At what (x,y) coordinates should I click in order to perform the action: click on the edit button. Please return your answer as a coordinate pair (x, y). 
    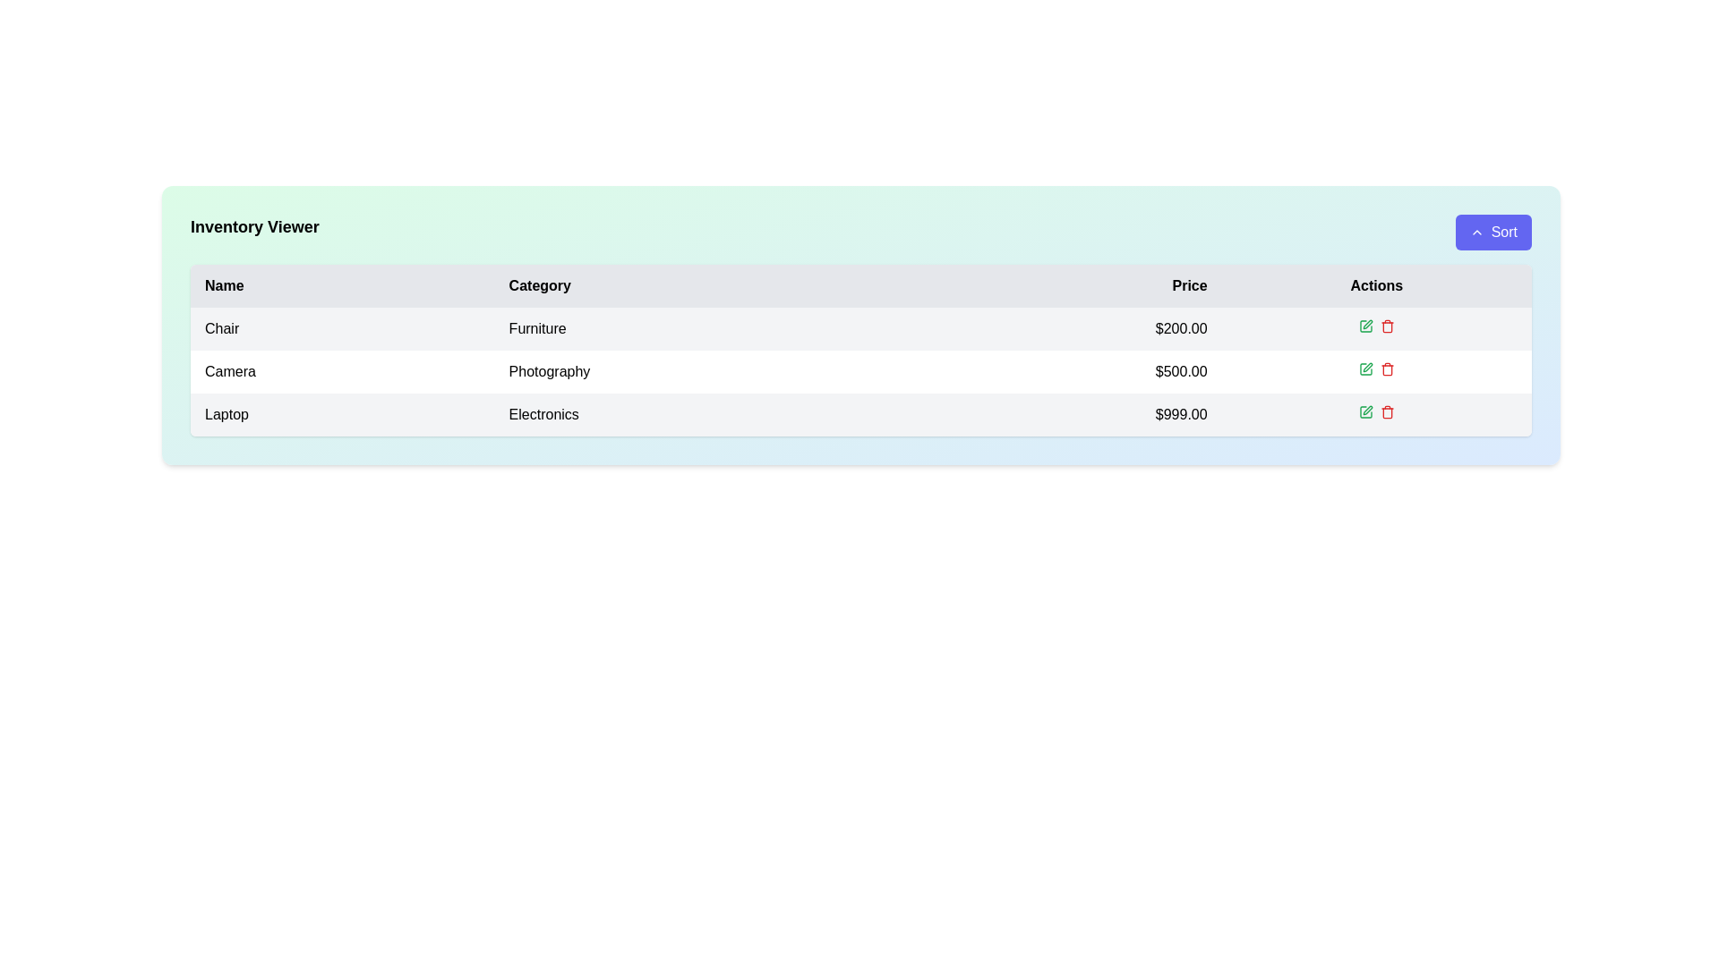
    Looking at the image, I should click on (1364, 368).